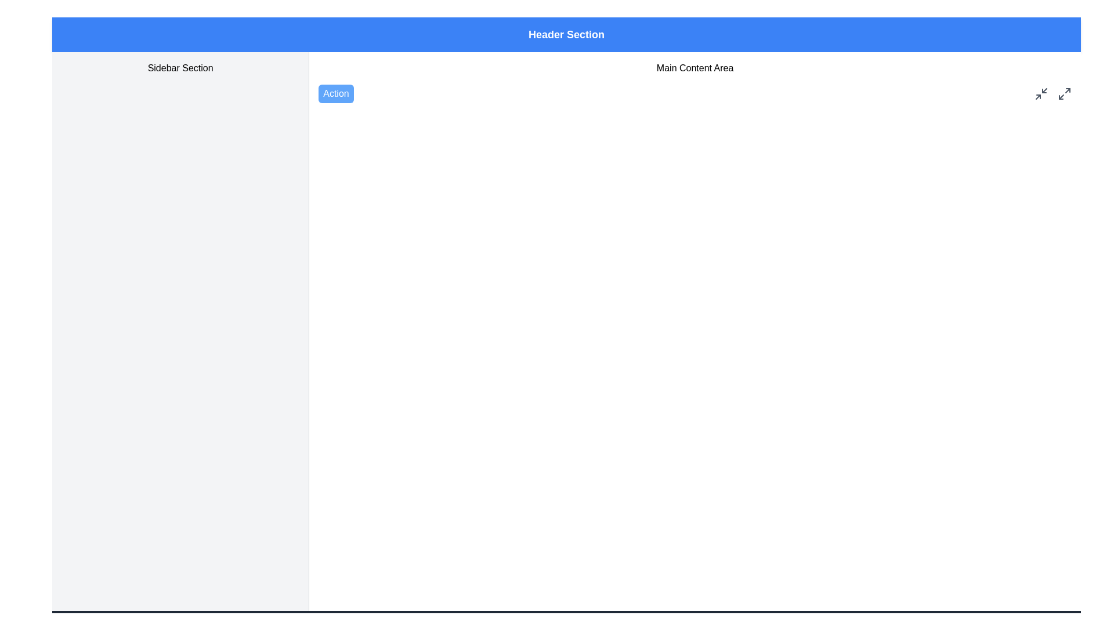 This screenshot has height=626, width=1114. What do you see at coordinates (566, 34) in the screenshot?
I see `the header Text Label located at the top of the layout, which spans the full width of the viewport` at bounding box center [566, 34].